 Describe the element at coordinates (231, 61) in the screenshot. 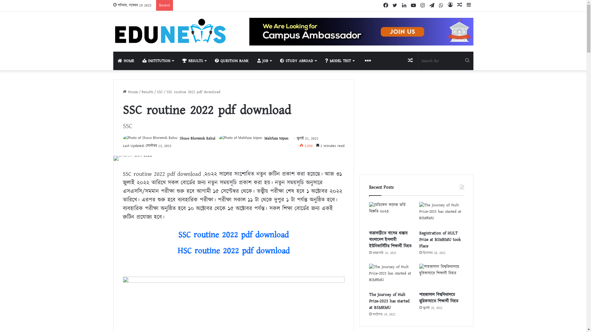

I see `'QUESTION BANK'` at that location.